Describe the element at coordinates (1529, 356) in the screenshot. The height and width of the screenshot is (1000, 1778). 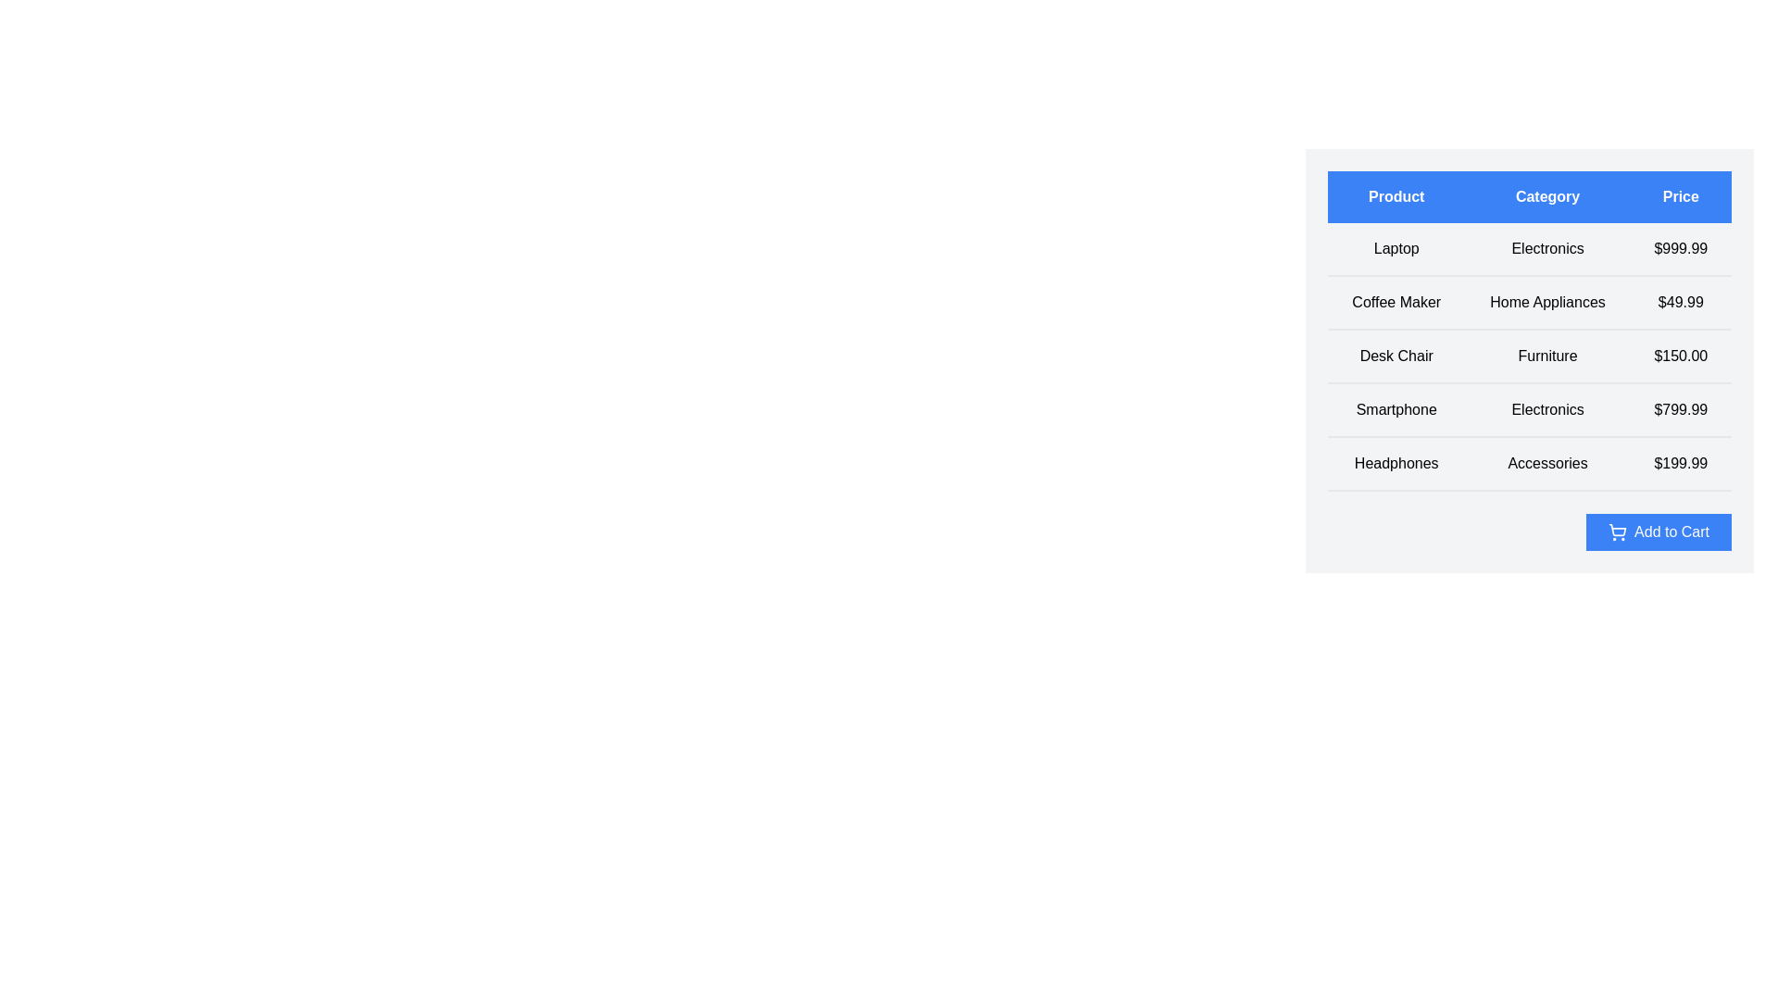
I see `the third row in the product listing table that displays information for 'Desk Chair', including its category and price` at that location.